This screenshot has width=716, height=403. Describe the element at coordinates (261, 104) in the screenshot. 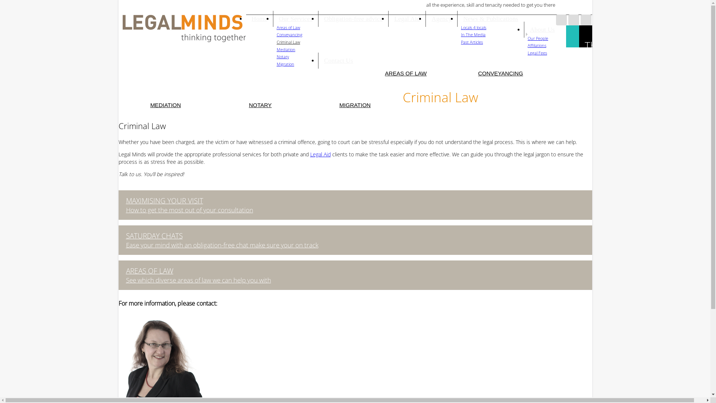

I see `'NOTARY'` at that location.